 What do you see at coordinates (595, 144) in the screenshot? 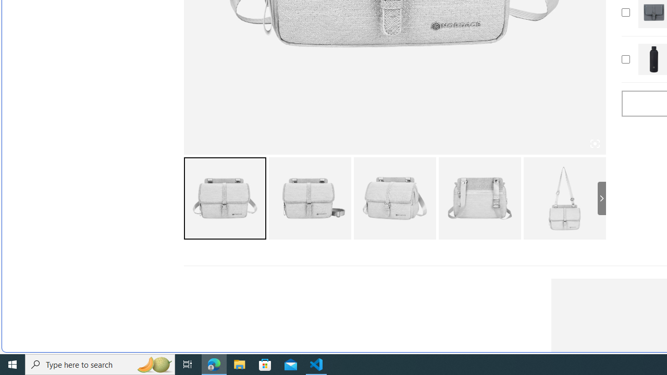
I see `'Class: iconic-woothumbs-fullscreen'` at bounding box center [595, 144].